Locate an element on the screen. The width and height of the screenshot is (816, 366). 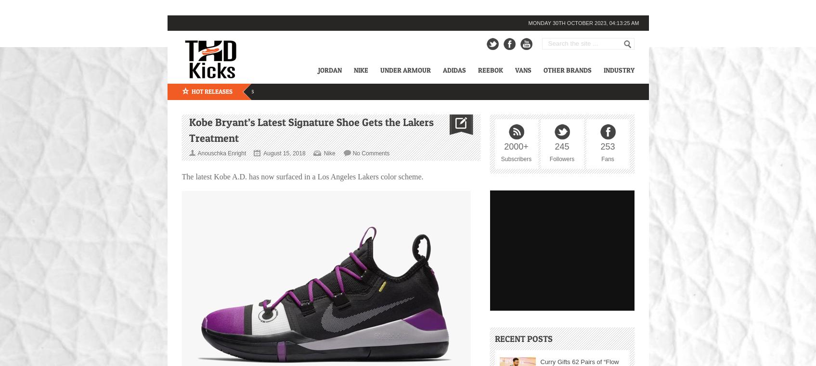
'The latest Kobe A.D. has now surfaced in a Los Angeles Lakers color scheme.' is located at coordinates (301, 176).